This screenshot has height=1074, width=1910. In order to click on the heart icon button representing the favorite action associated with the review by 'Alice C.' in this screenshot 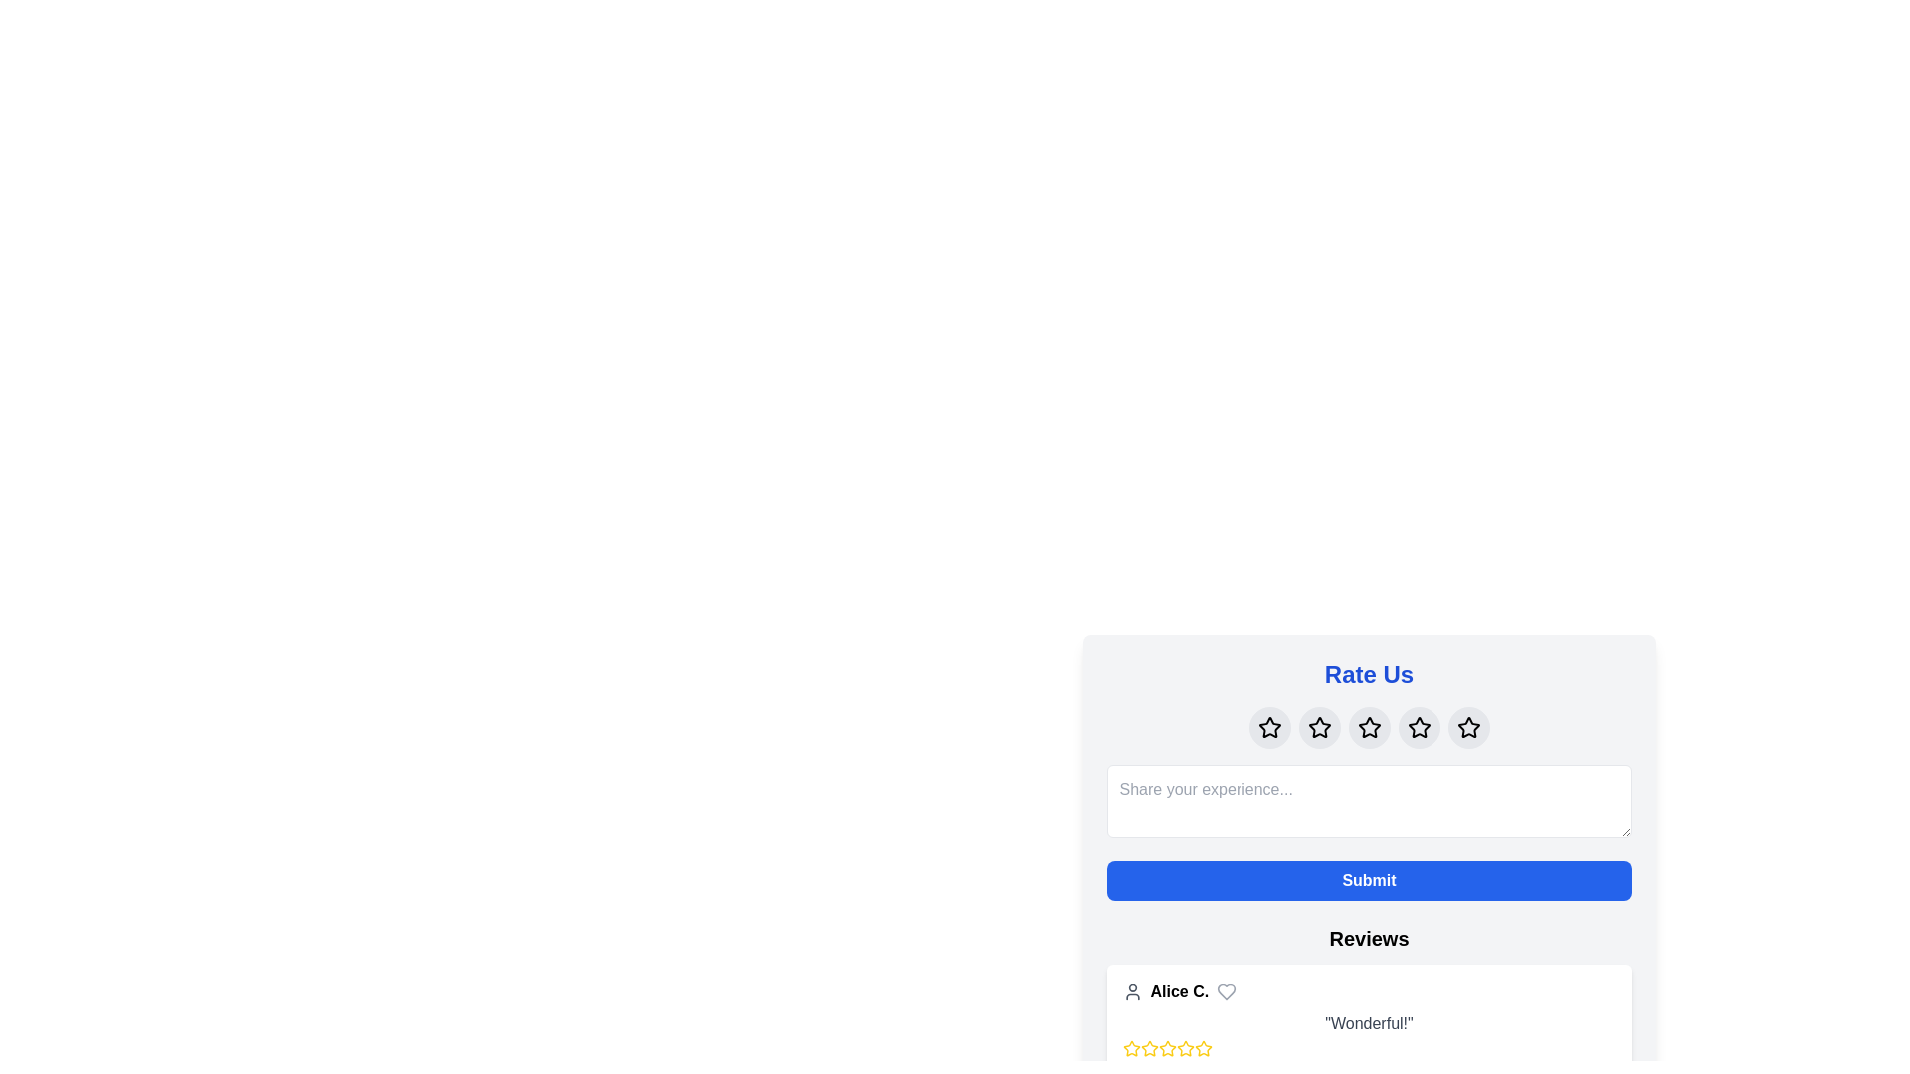, I will do `click(1226, 992)`.